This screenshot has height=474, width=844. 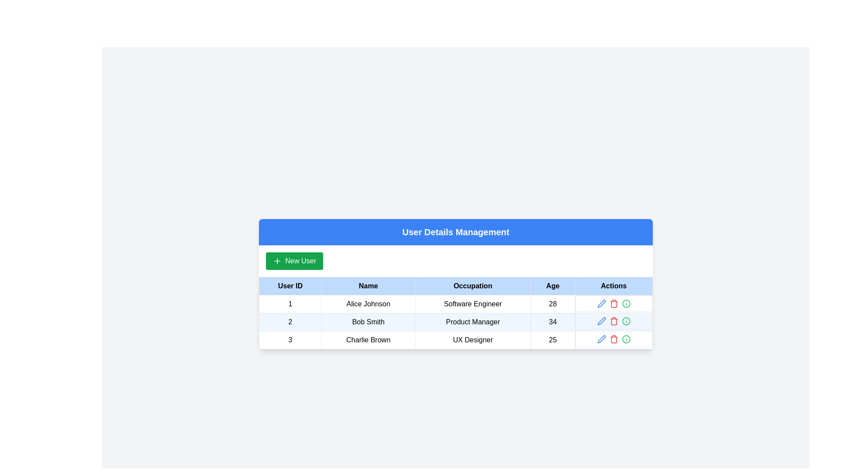 I want to click on the delete button located in the 'Actions' column of the table for the user record of Bob Smith, which is the second icon in the action lineup, so click(x=613, y=321).